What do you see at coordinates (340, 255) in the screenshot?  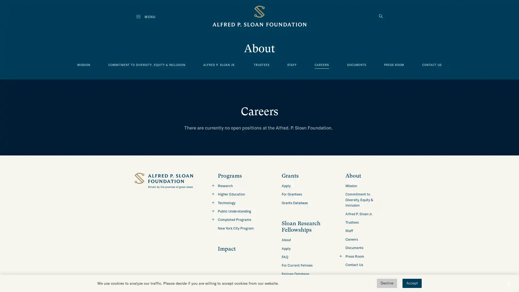 I see `Click to expand this navigation menu` at bounding box center [340, 255].